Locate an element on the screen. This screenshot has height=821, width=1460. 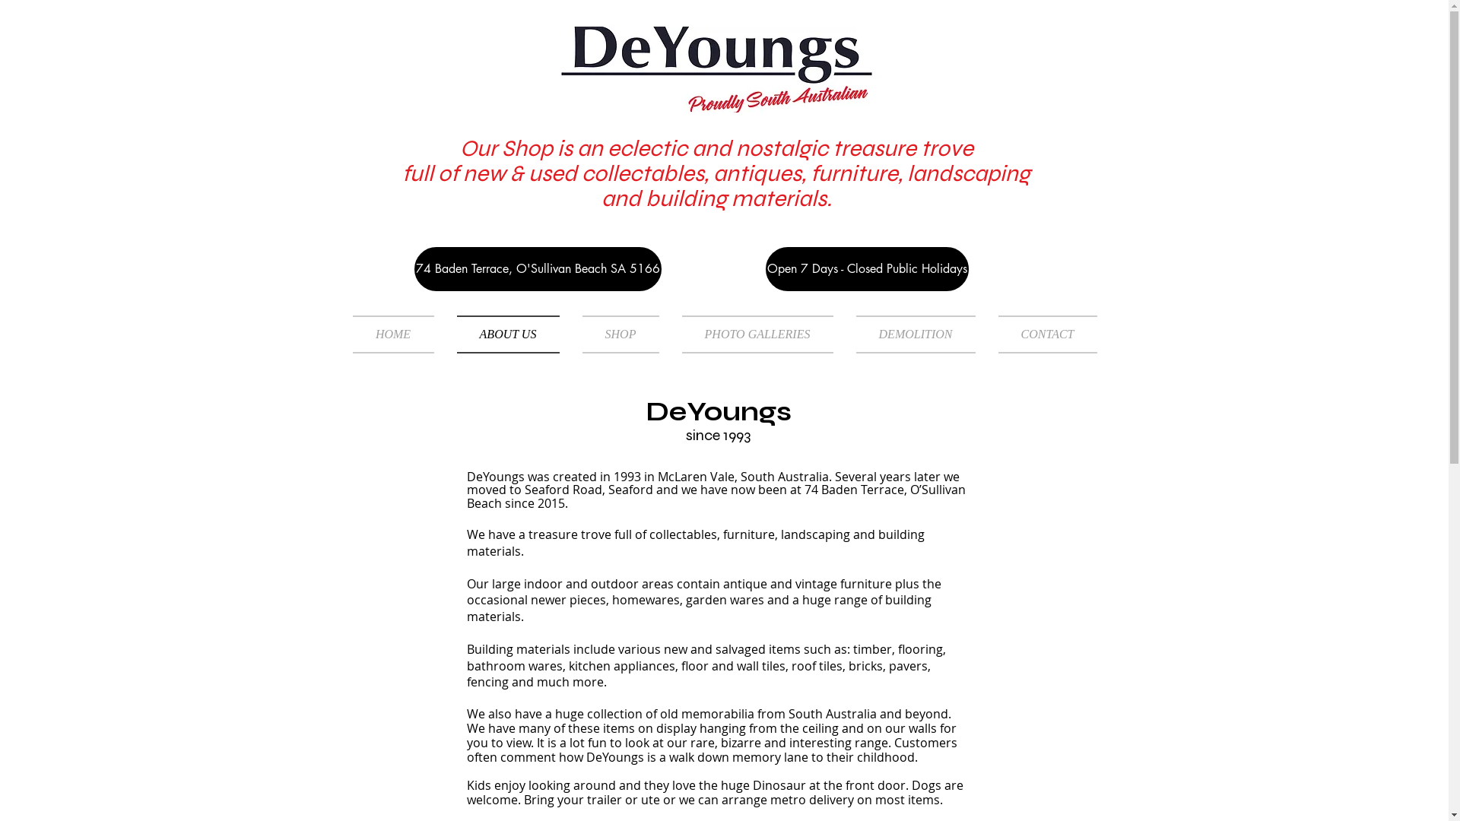
'CONTACT' is located at coordinates (1041, 333).